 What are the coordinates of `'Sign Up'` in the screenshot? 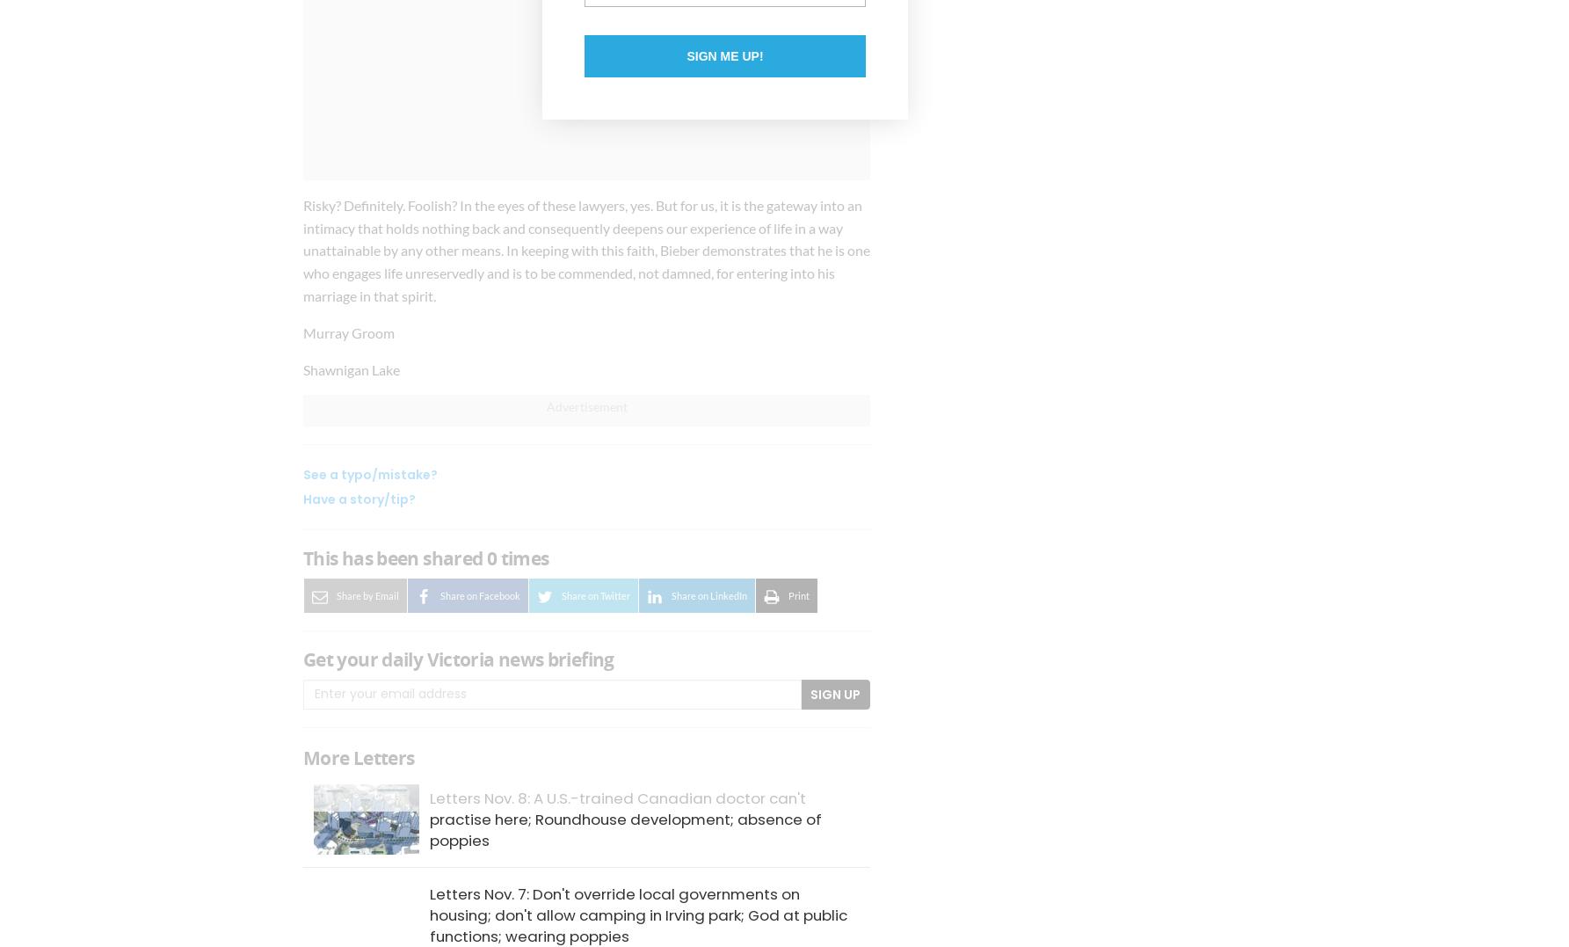 It's located at (834, 694).